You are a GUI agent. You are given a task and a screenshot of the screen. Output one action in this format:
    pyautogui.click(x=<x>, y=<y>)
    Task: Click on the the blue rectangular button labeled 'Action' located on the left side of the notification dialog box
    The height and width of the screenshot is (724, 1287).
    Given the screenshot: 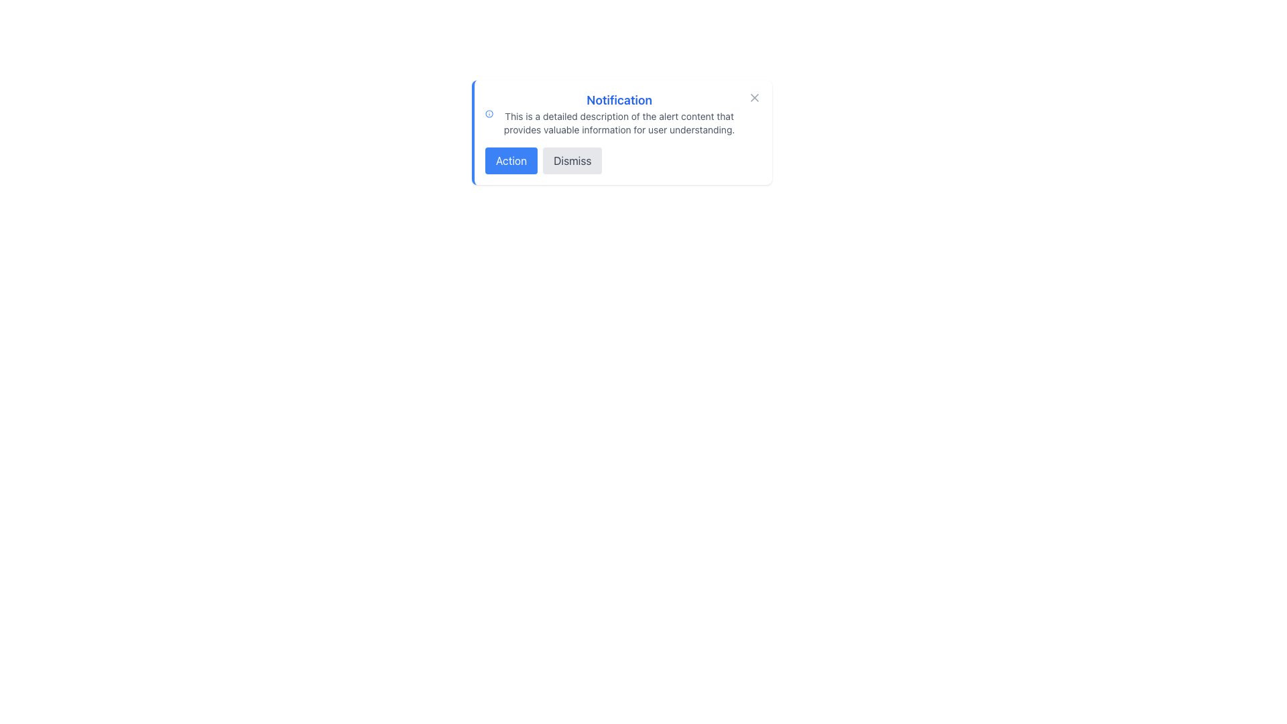 What is the action you would take?
    pyautogui.click(x=511, y=160)
    